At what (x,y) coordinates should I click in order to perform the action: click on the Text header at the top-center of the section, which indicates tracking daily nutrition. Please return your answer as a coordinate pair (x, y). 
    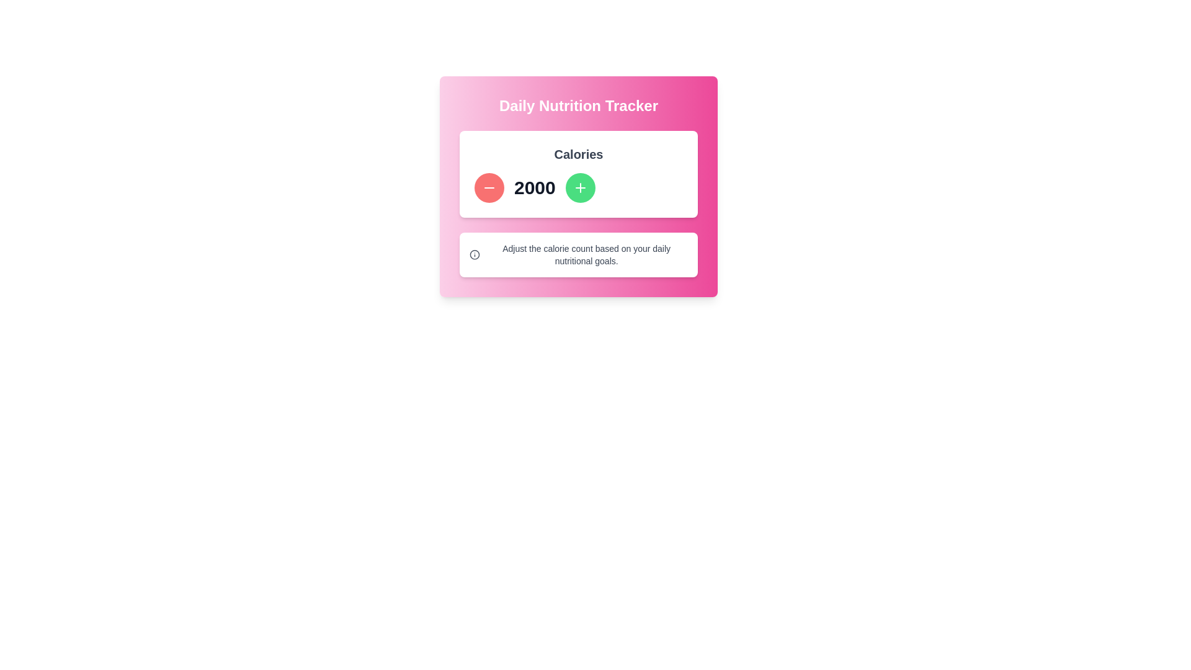
    Looking at the image, I should click on (578, 105).